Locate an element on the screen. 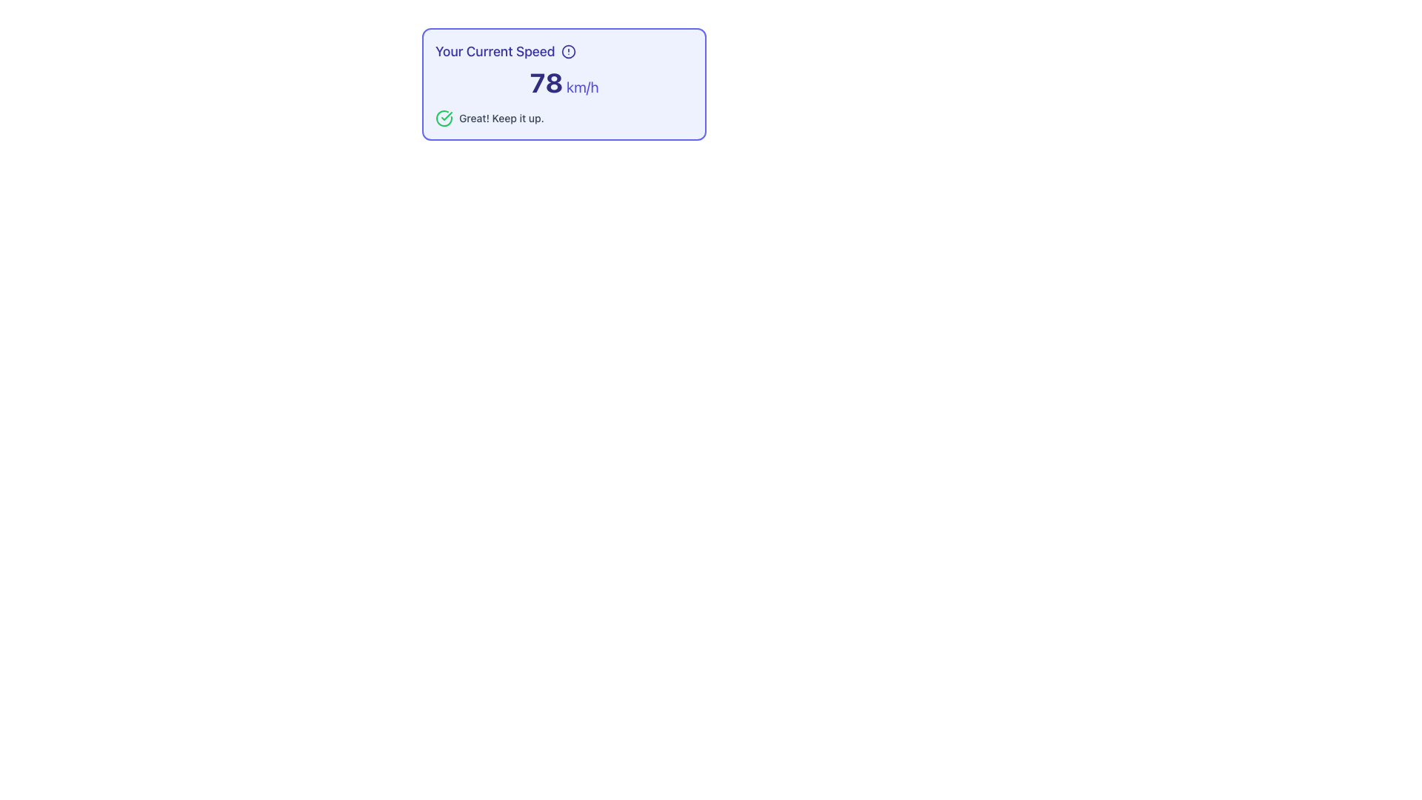 The image size is (1422, 800). the static text label displaying 'km/h' which is styled in bold indigo font and located next to the numeric value '78' in the speed display is located at coordinates (580, 87).